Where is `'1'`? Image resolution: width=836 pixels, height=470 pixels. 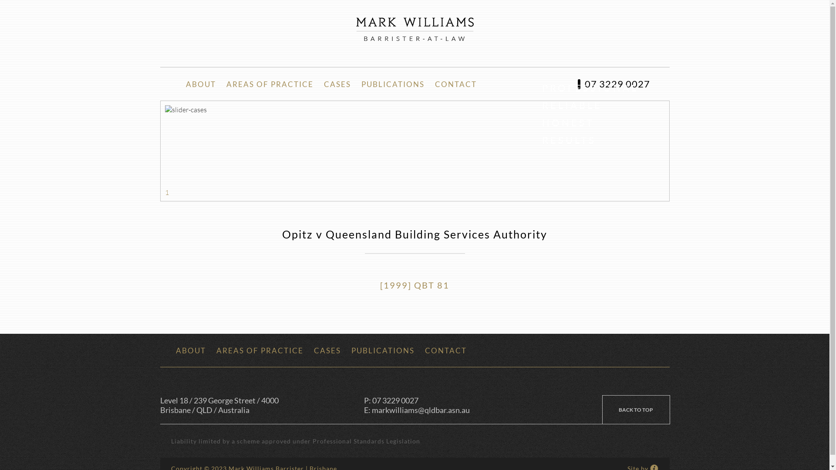
'1' is located at coordinates (166, 192).